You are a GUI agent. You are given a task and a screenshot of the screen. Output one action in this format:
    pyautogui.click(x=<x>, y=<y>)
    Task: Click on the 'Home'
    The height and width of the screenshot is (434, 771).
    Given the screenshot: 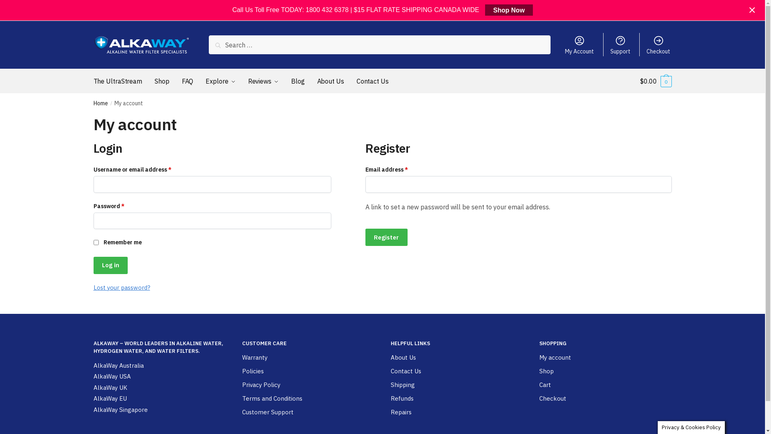 What is the action you would take?
    pyautogui.click(x=100, y=103)
    